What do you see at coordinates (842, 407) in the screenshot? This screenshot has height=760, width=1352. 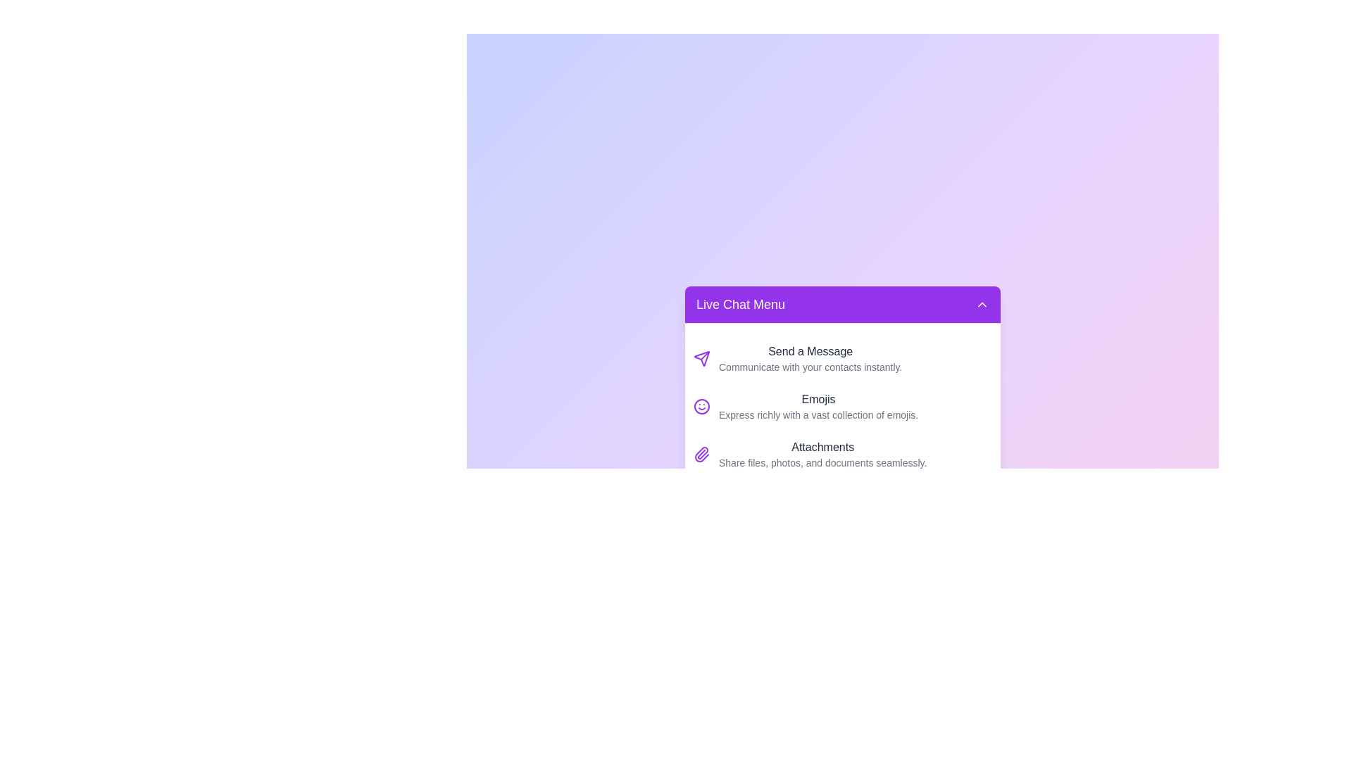 I see `the menu item corresponding to Emojis` at bounding box center [842, 407].